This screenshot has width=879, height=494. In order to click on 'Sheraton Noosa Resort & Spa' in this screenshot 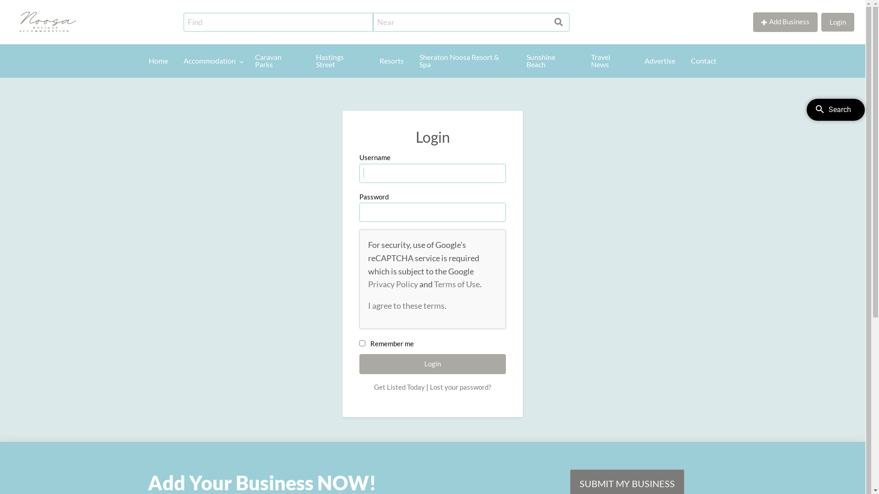, I will do `click(465, 61)`.